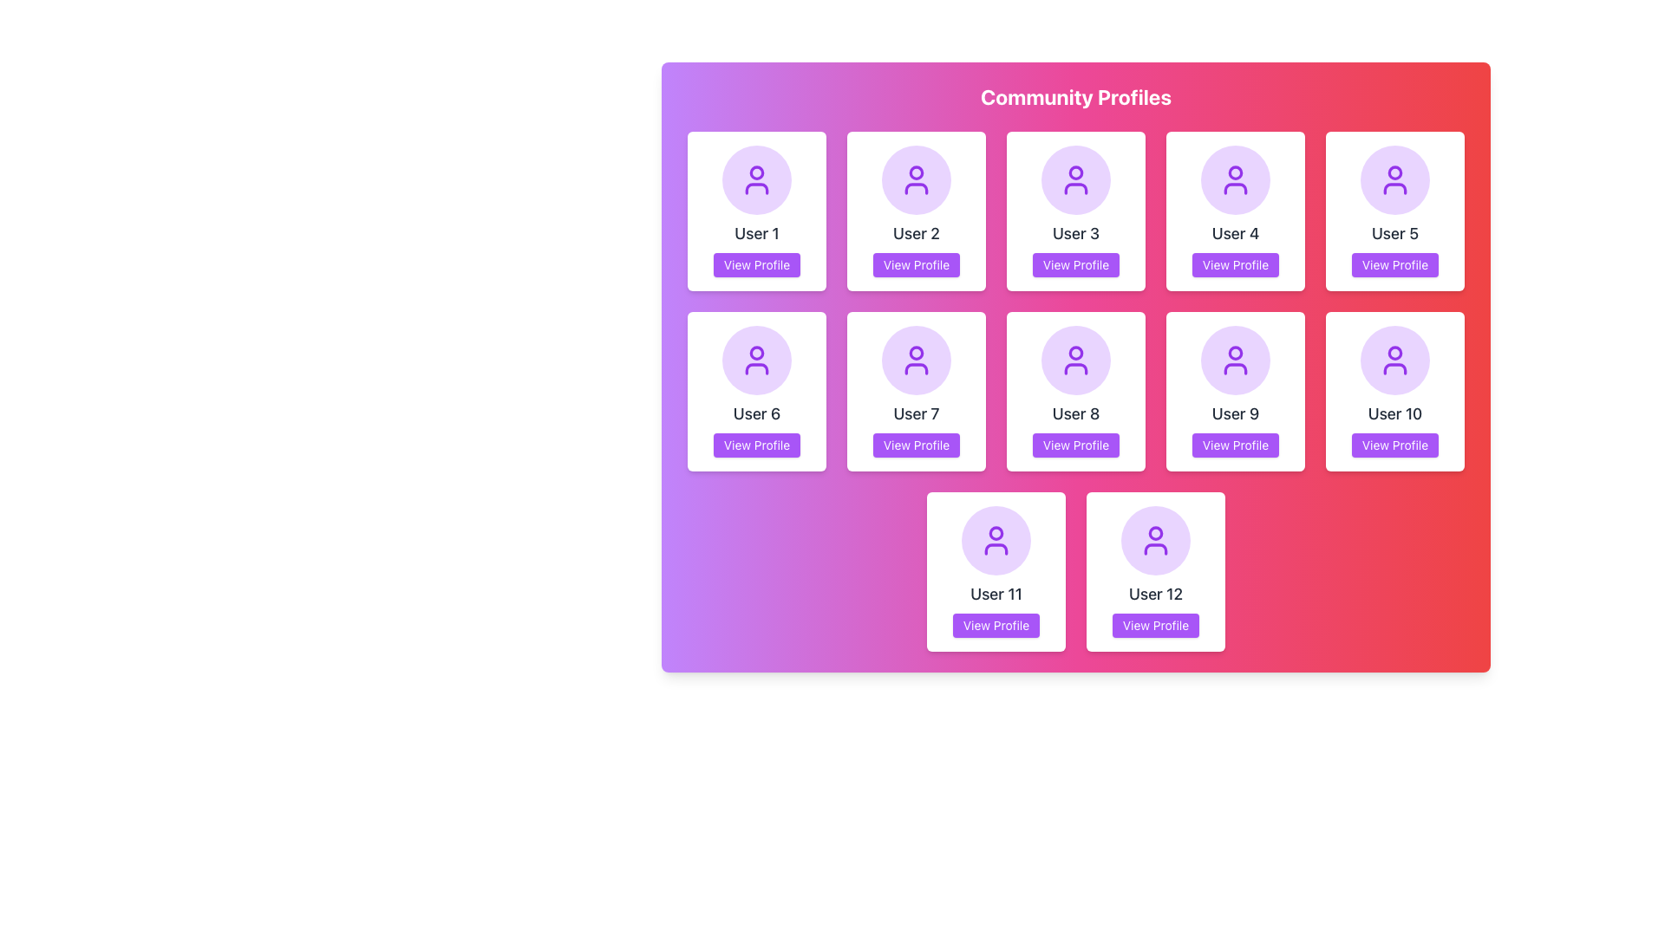  Describe the element at coordinates (757, 360) in the screenshot. I see `the user profile icon, which features a circular purple avatar within a lighter purple square, located` at that location.